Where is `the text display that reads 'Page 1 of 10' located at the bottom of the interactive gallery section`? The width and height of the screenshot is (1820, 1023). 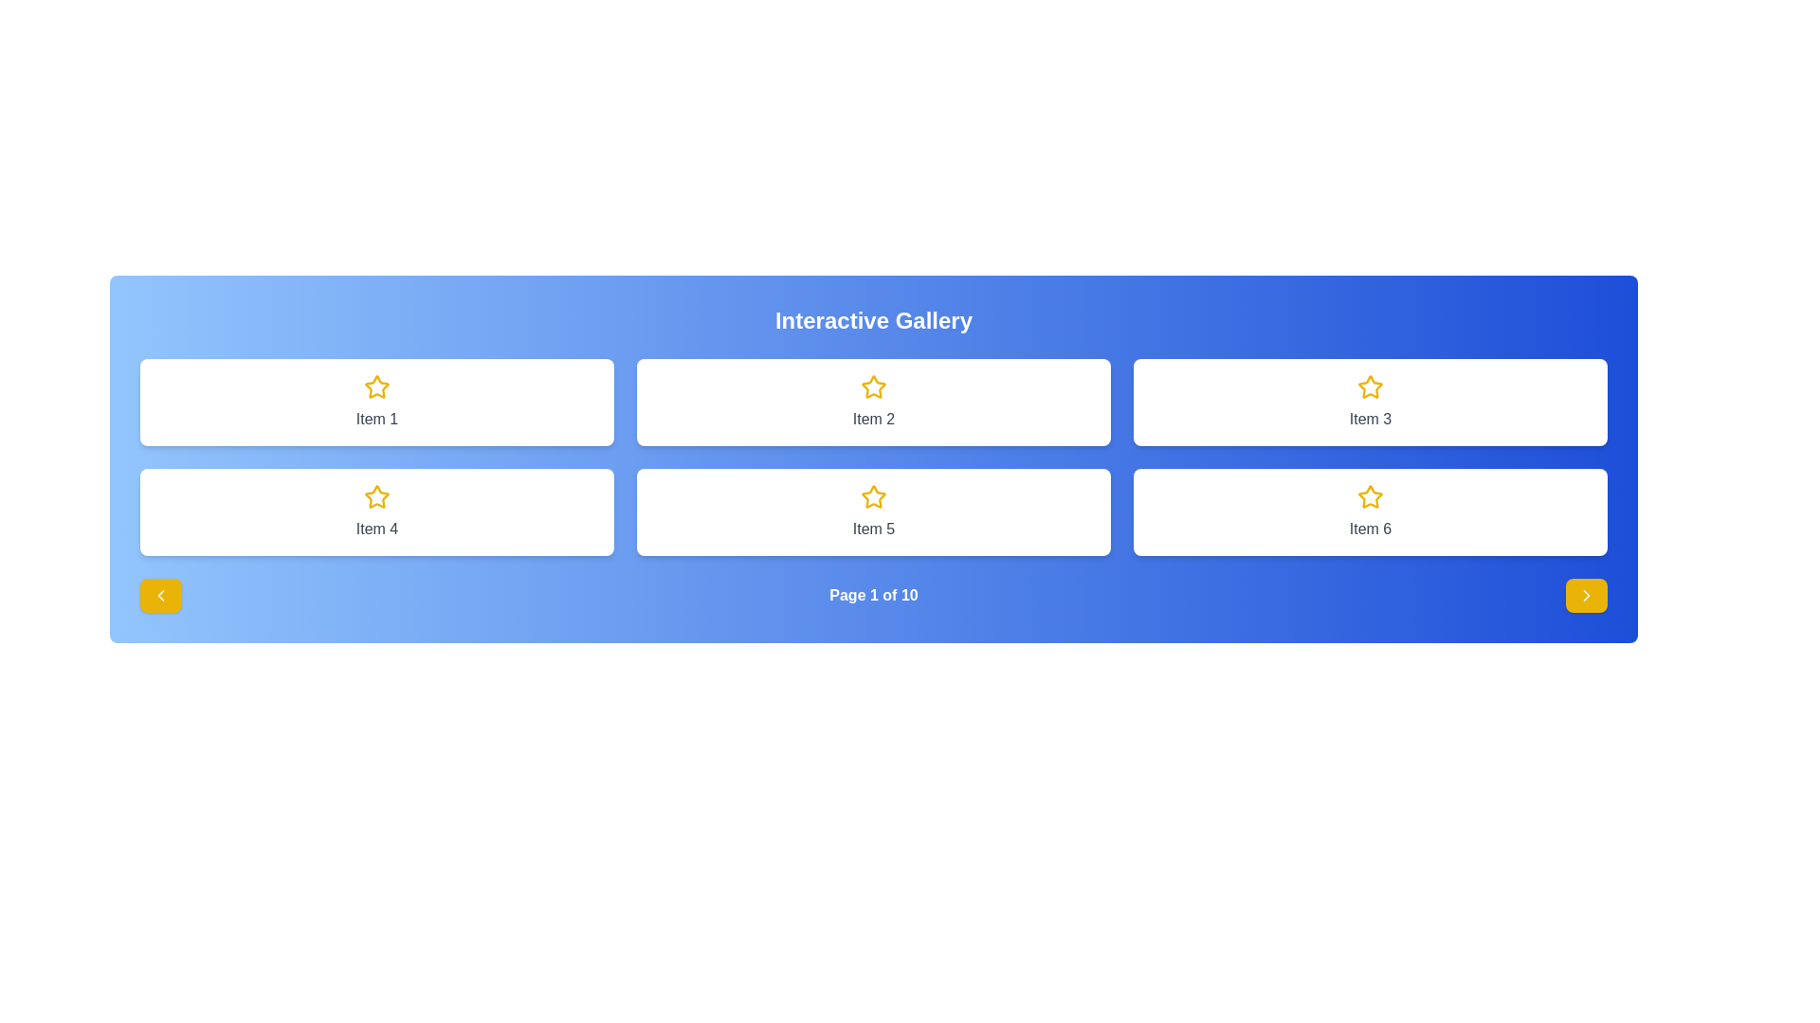
the text display that reads 'Page 1 of 10' located at the bottom of the interactive gallery section is located at coordinates (872, 594).